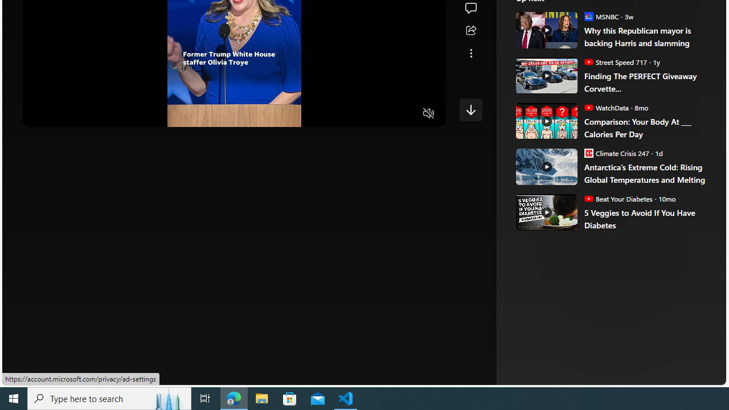 The image size is (729, 410). Describe the element at coordinates (470, 30) in the screenshot. I see `'Share this story'` at that location.